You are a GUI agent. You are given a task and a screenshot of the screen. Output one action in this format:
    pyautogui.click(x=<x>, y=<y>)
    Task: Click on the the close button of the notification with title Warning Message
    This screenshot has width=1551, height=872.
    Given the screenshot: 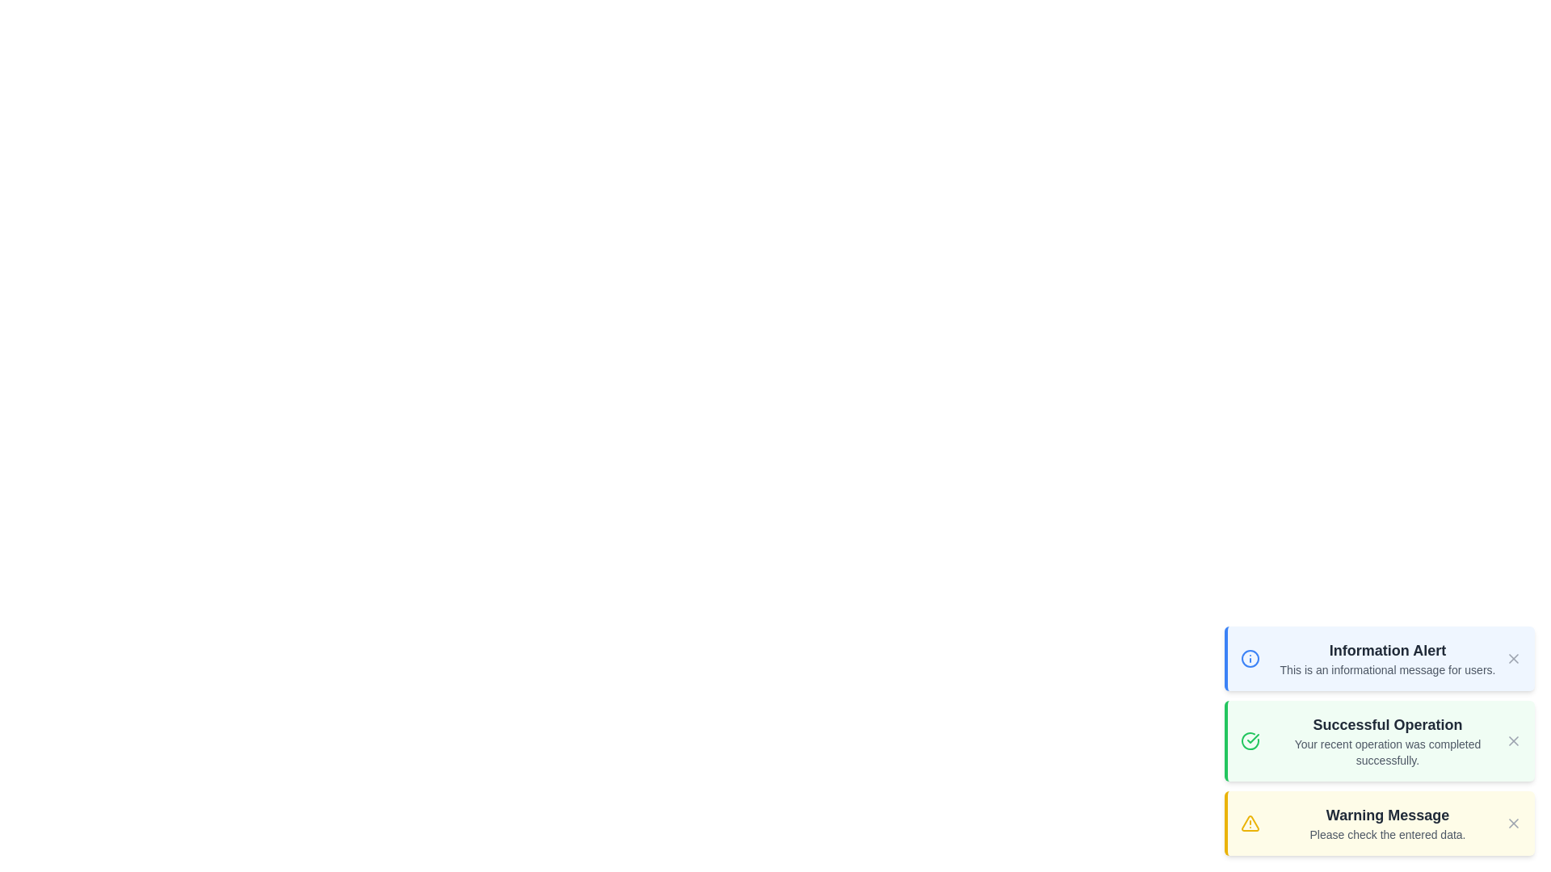 What is the action you would take?
    pyautogui.click(x=1512, y=823)
    